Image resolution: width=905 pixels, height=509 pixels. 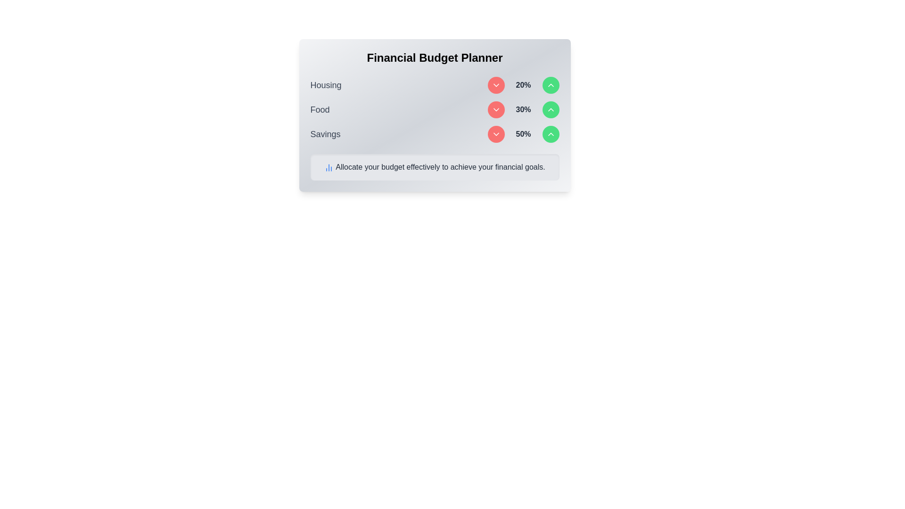 What do you see at coordinates (523, 134) in the screenshot?
I see `the third text label indicating budget percentage, which is positioned next to a '+' button on the right and a '-' button on the left` at bounding box center [523, 134].